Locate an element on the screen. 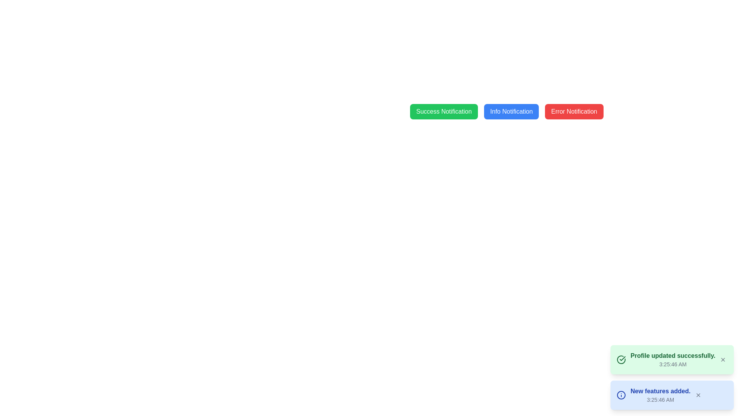 This screenshot has width=740, height=416. the leftmost button in the group of three horizontally arranged buttons is located at coordinates (444, 111).